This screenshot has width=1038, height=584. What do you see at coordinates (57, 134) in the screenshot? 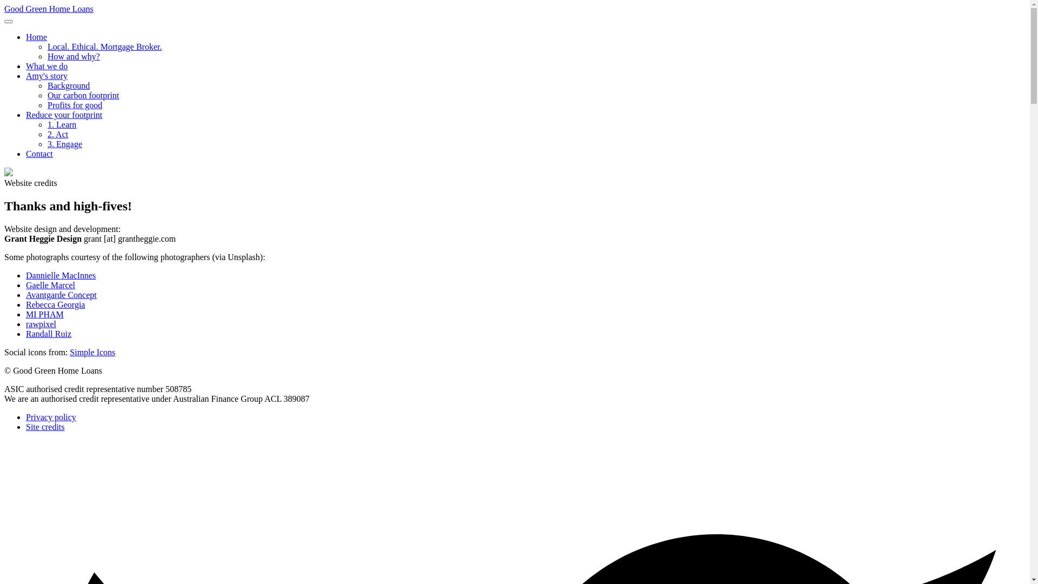
I see `'2. Act'` at bounding box center [57, 134].